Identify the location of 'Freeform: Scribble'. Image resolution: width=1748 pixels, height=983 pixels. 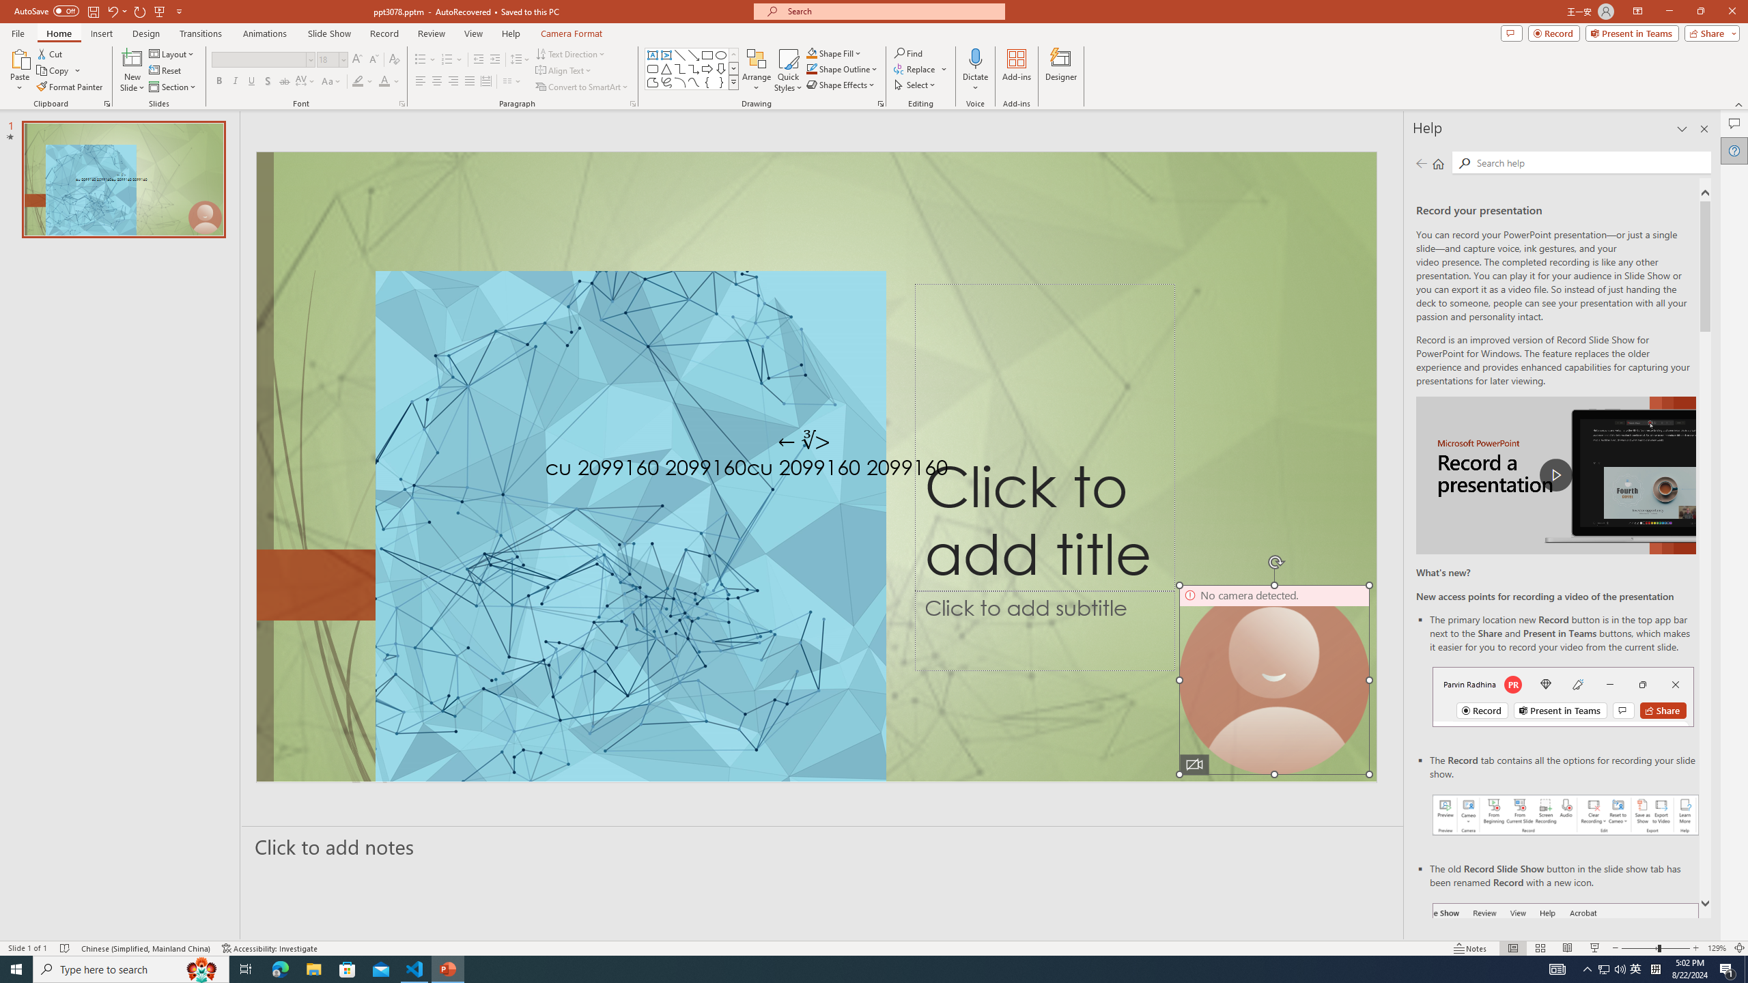
(665, 81).